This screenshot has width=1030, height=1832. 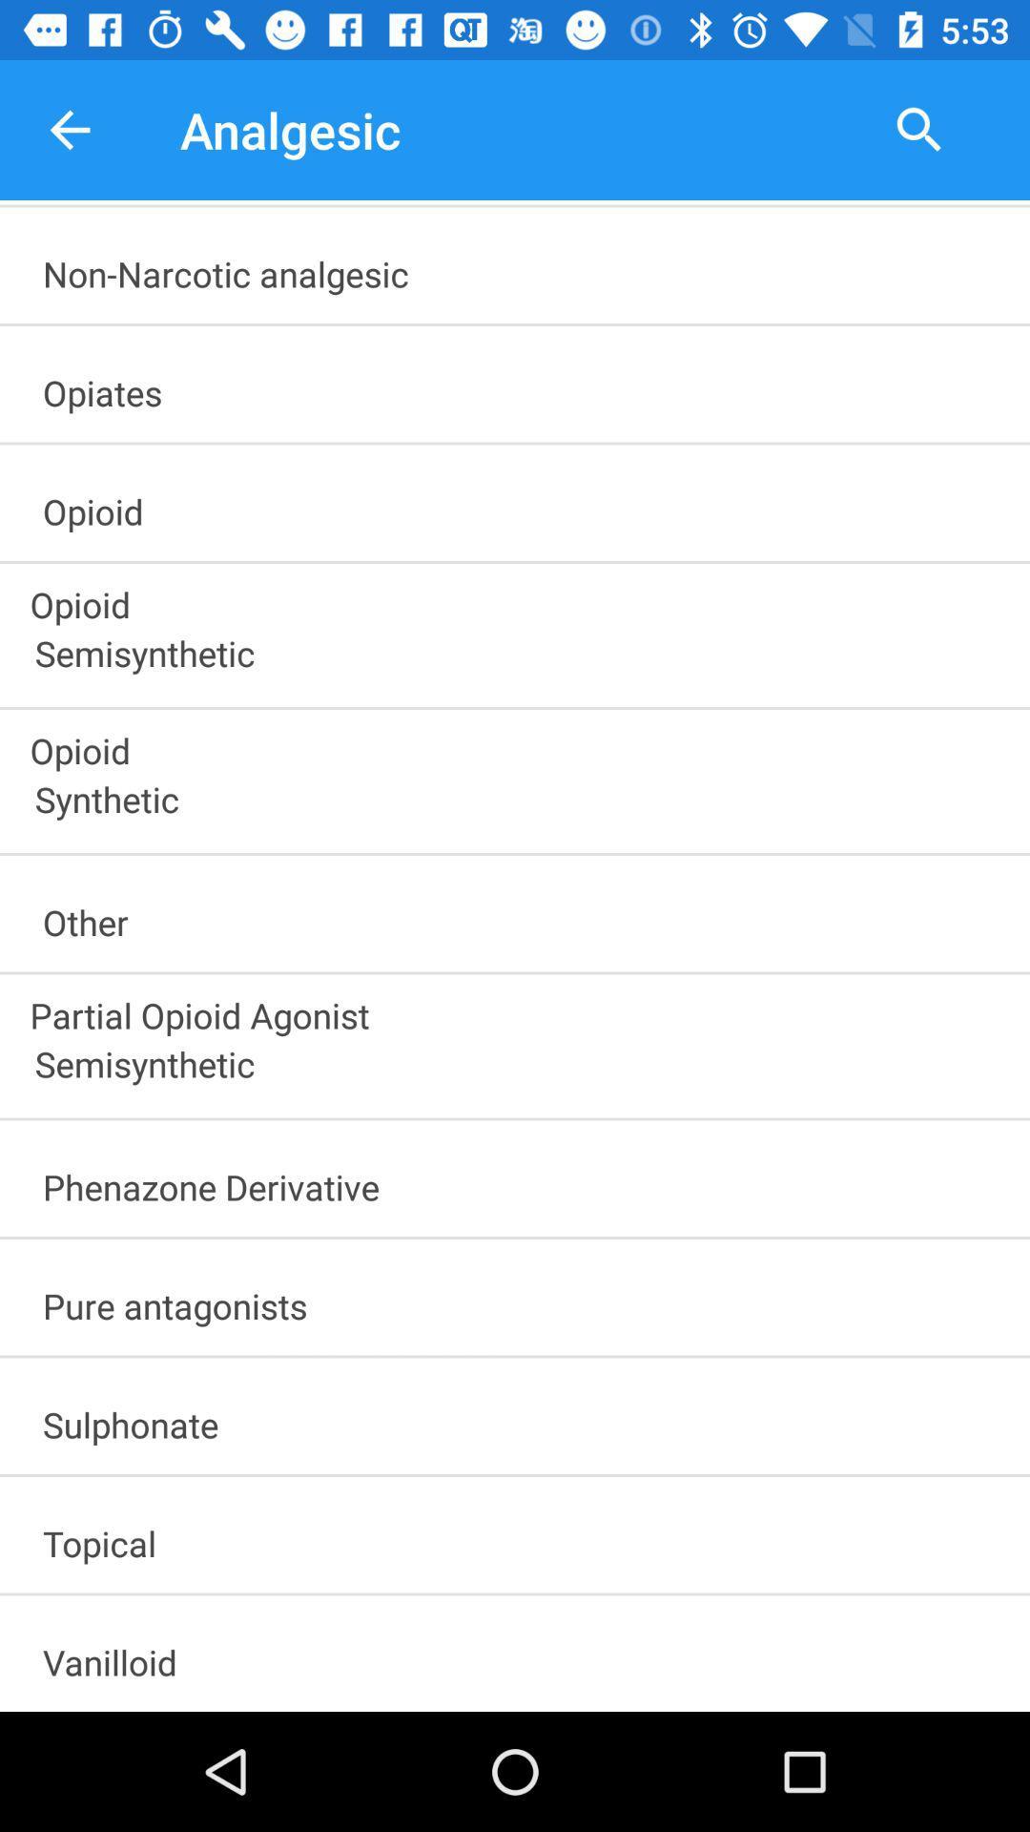 I want to click on item above the opioid, so click(x=524, y=385).